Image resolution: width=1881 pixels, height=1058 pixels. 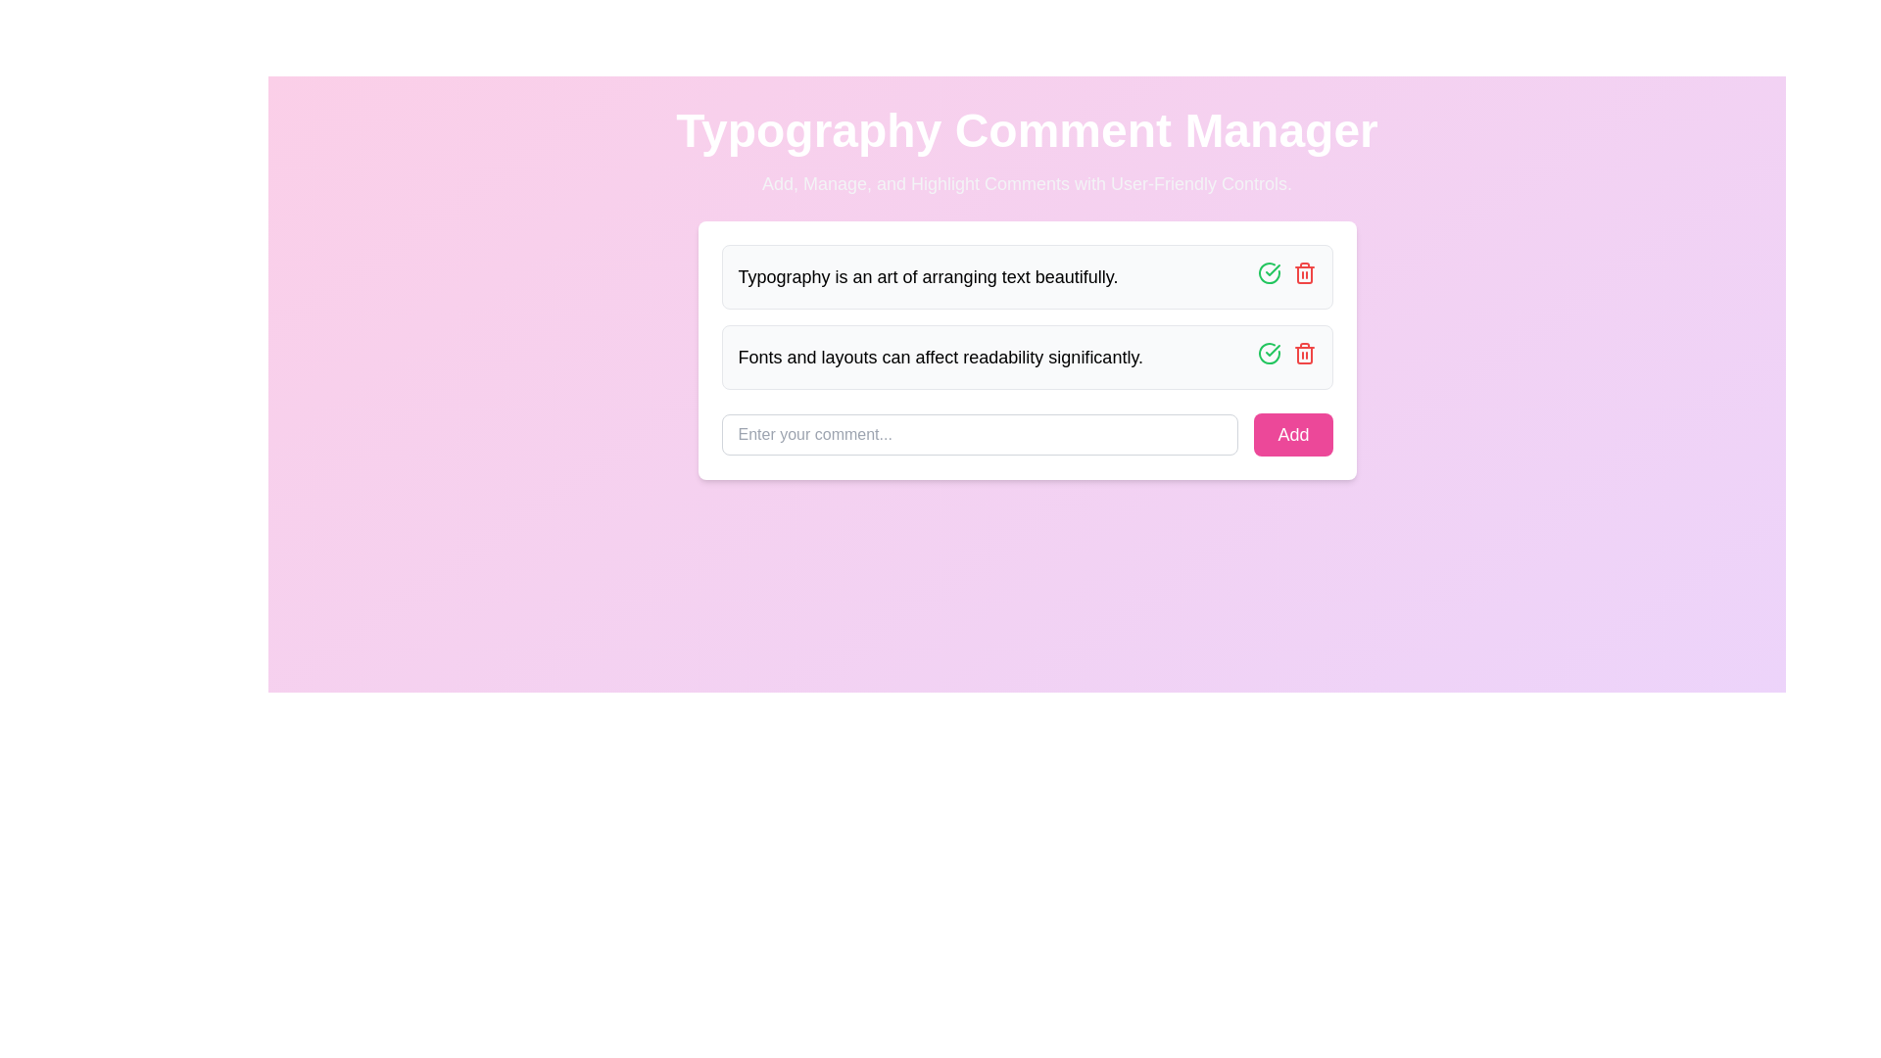 What do you see at coordinates (1293, 433) in the screenshot?
I see `the submit button located at the far-right of the comment input area` at bounding box center [1293, 433].